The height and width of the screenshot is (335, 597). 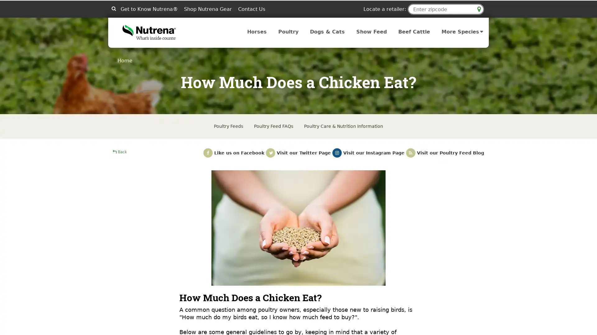 What do you see at coordinates (113, 8) in the screenshot?
I see `Submit` at bounding box center [113, 8].